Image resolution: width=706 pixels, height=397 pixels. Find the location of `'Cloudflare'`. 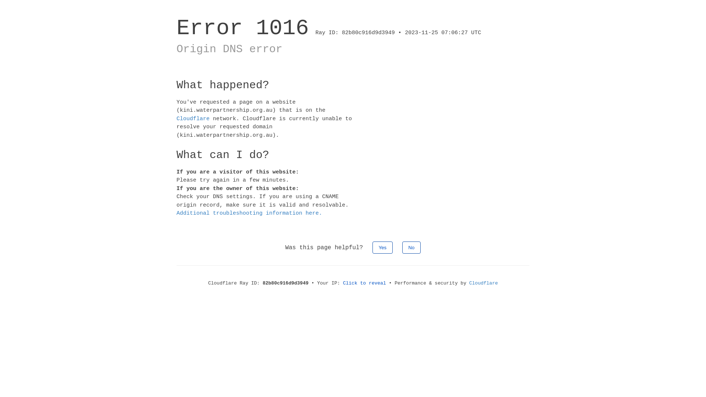

'Cloudflare' is located at coordinates (193, 118).